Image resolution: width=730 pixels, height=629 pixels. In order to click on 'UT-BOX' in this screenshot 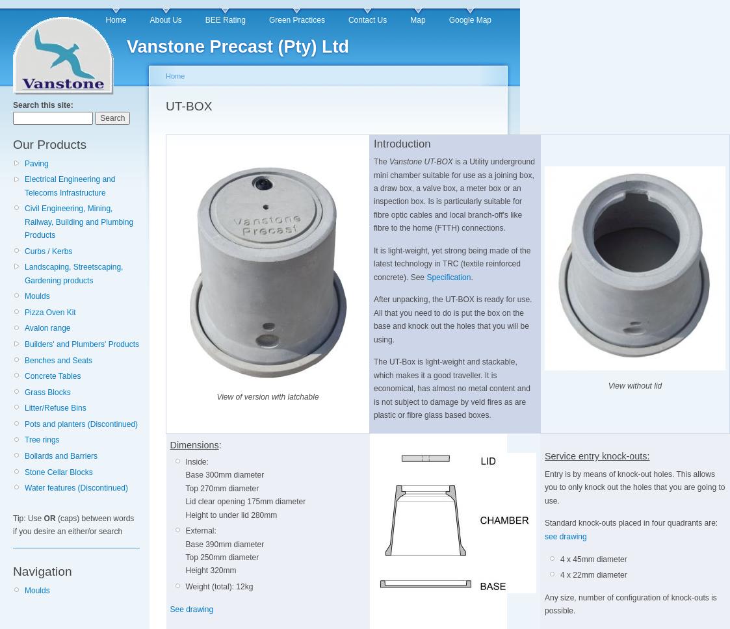, I will do `click(166, 106)`.